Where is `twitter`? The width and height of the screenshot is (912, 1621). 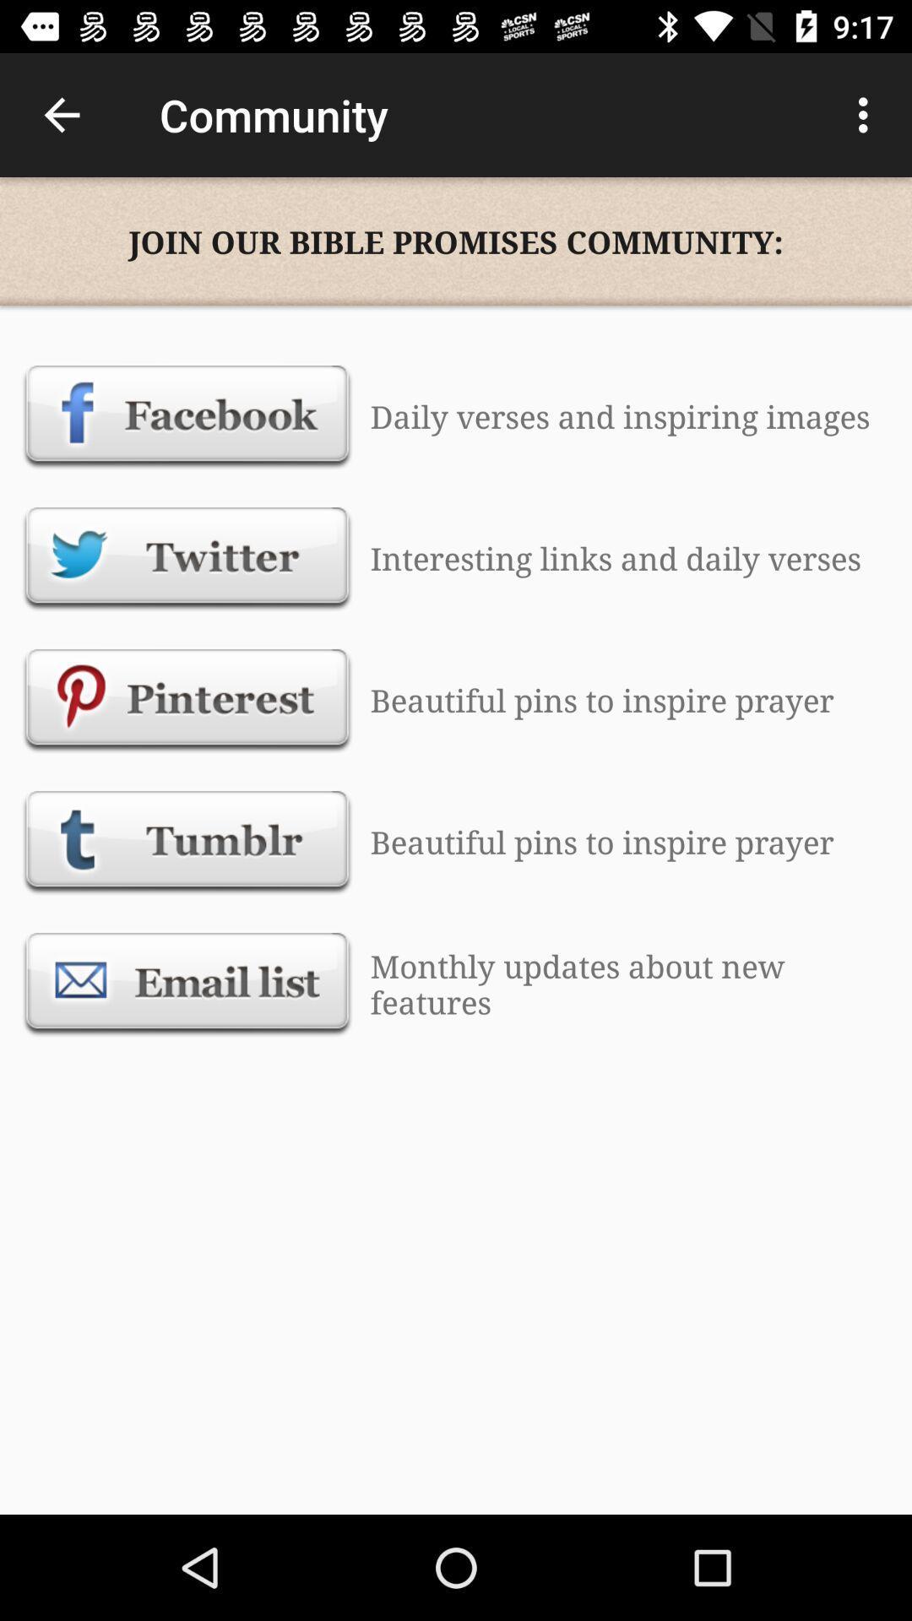
twitter is located at coordinates (187, 558).